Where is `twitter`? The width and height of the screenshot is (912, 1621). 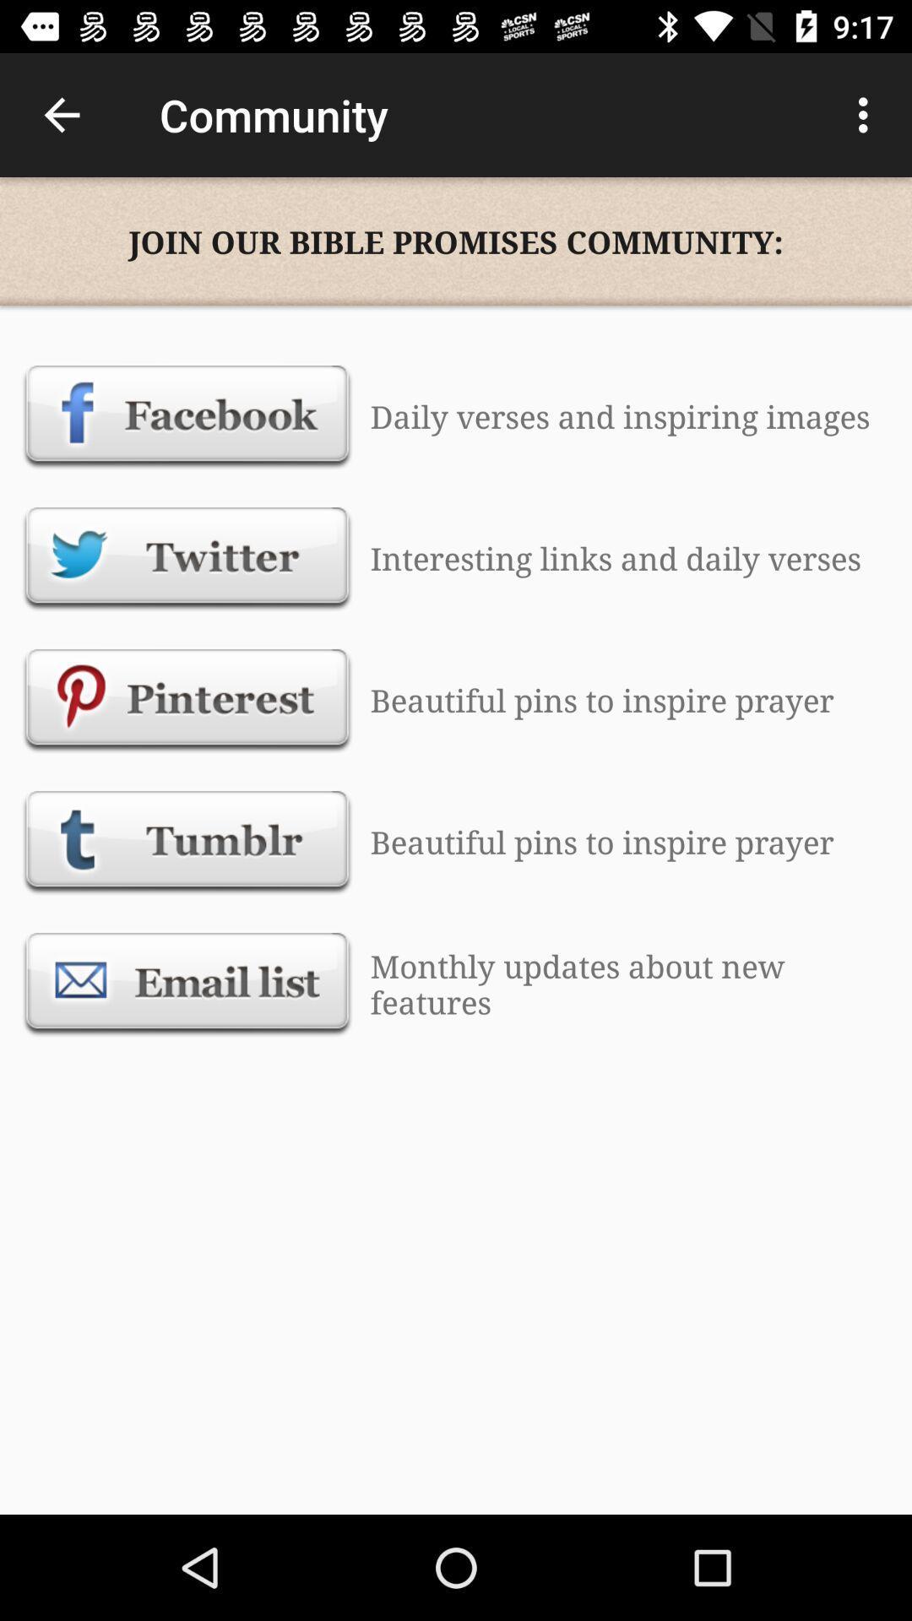
twitter is located at coordinates (187, 558).